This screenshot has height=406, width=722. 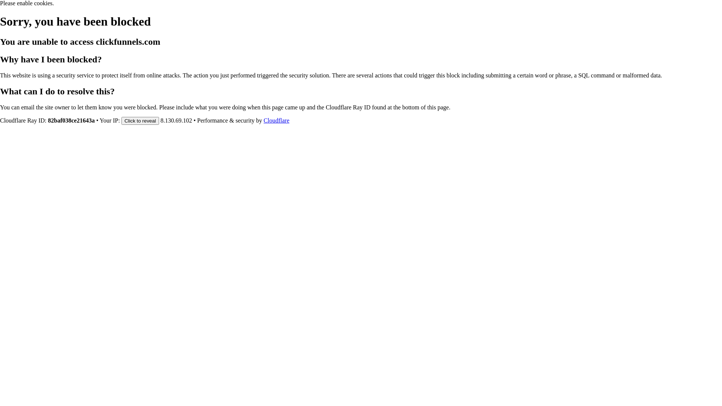 What do you see at coordinates (140, 120) in the screenshot?
I see `'Click to reveal'` at bounding box center [140, 120].